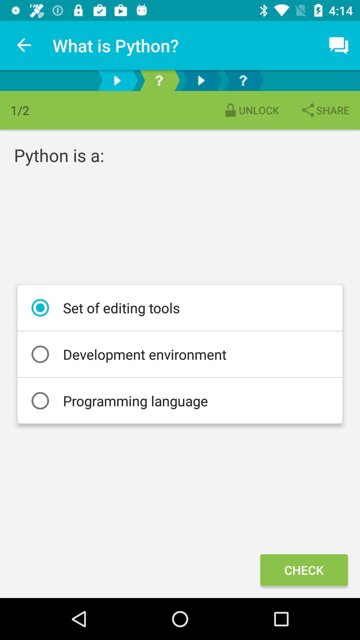 This screenshot has height=640, width=360. What do you see at coordinates (243, 80) in the screenshot?
I see `the help icon` at bounding box center [243, 80].